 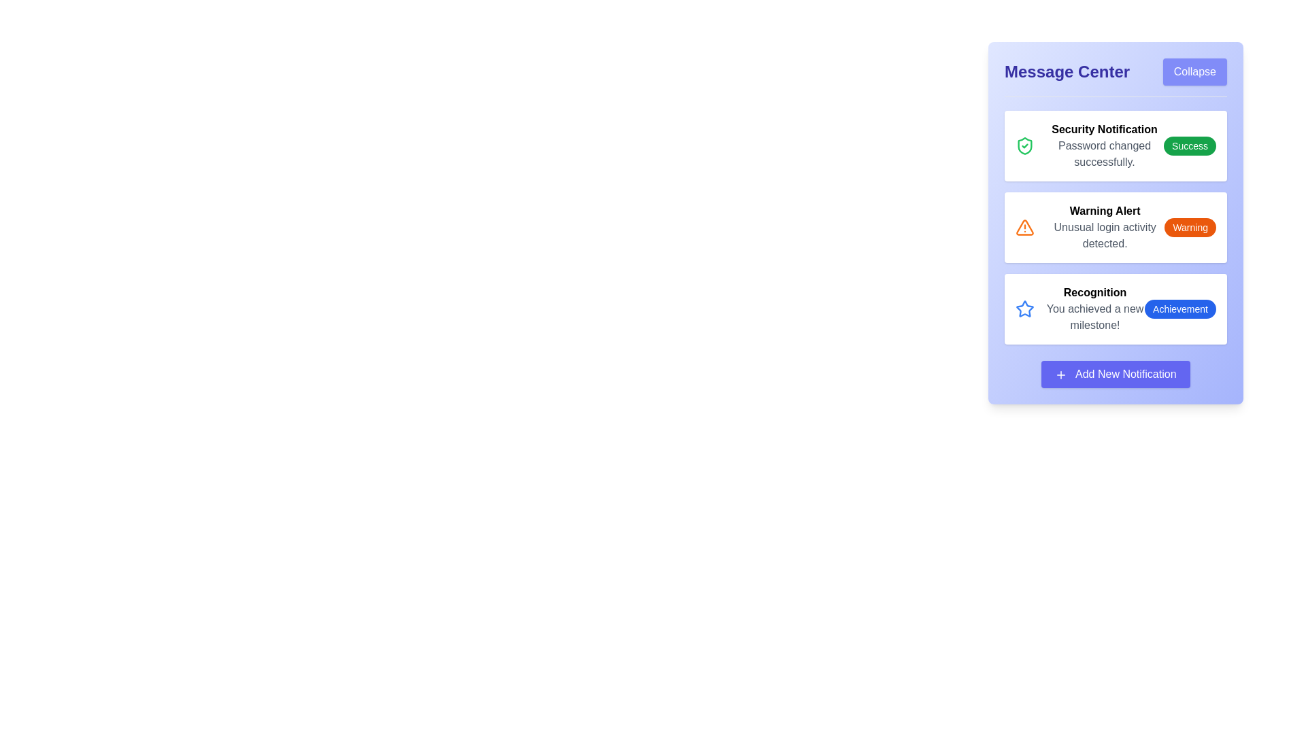 What do you see at coordinates (1105, 235) in the screenshot?
I see `message displayed in the text component that shows 'Unusual login activity detected.' in the notification titled 'Warning Alert' within the Message Center` at bounding box center [1105, 235].